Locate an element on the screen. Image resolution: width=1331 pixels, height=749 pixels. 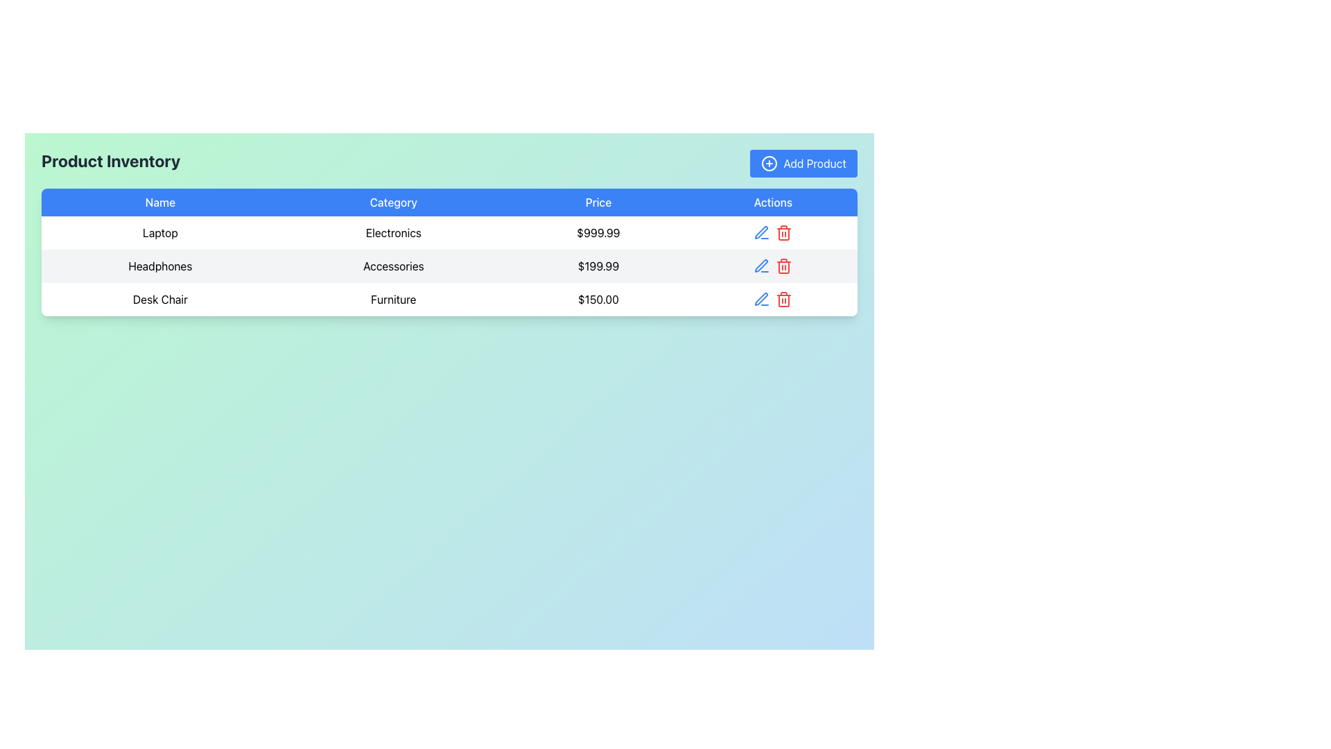
the edit icon located in the 'Actions' column of the first row of the table, which is styled in blue color is located at coordinates (772, 232).